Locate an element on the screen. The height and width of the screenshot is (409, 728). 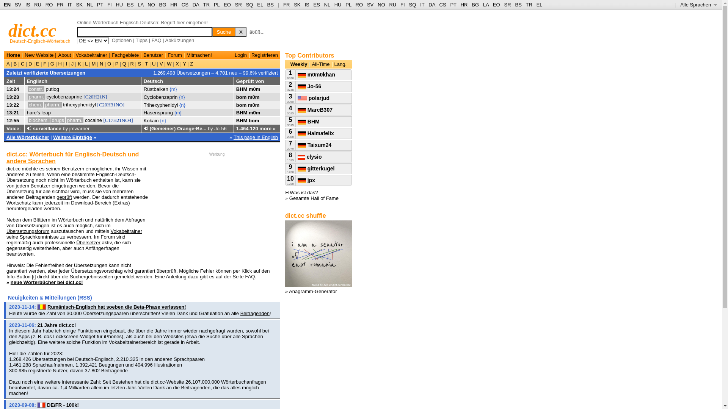
'X' is located at coordinates (240, 31).